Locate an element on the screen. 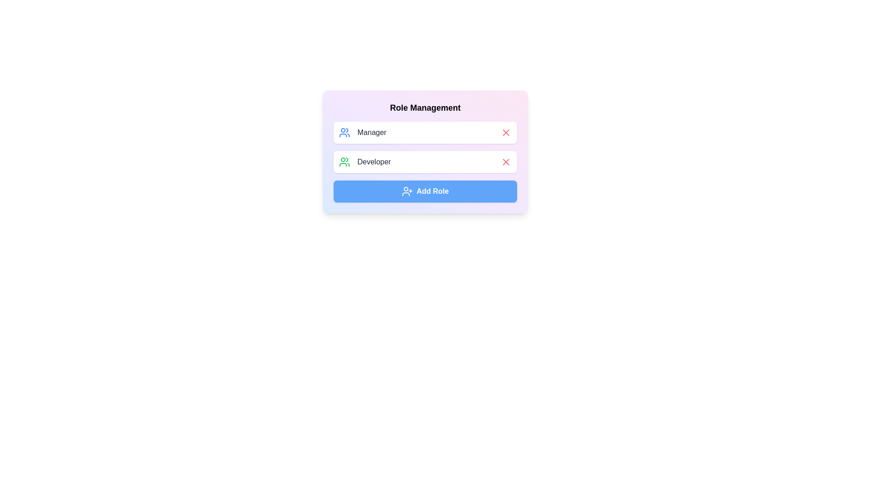 The width and height of the screenshot is (881, 496). the role text 'Manager' to select it is located at coordinates (372, 133).